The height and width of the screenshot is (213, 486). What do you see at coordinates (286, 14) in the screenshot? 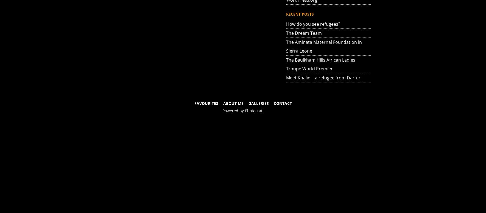
I see `'Recent Posts'` at bounding box center [286, 14].